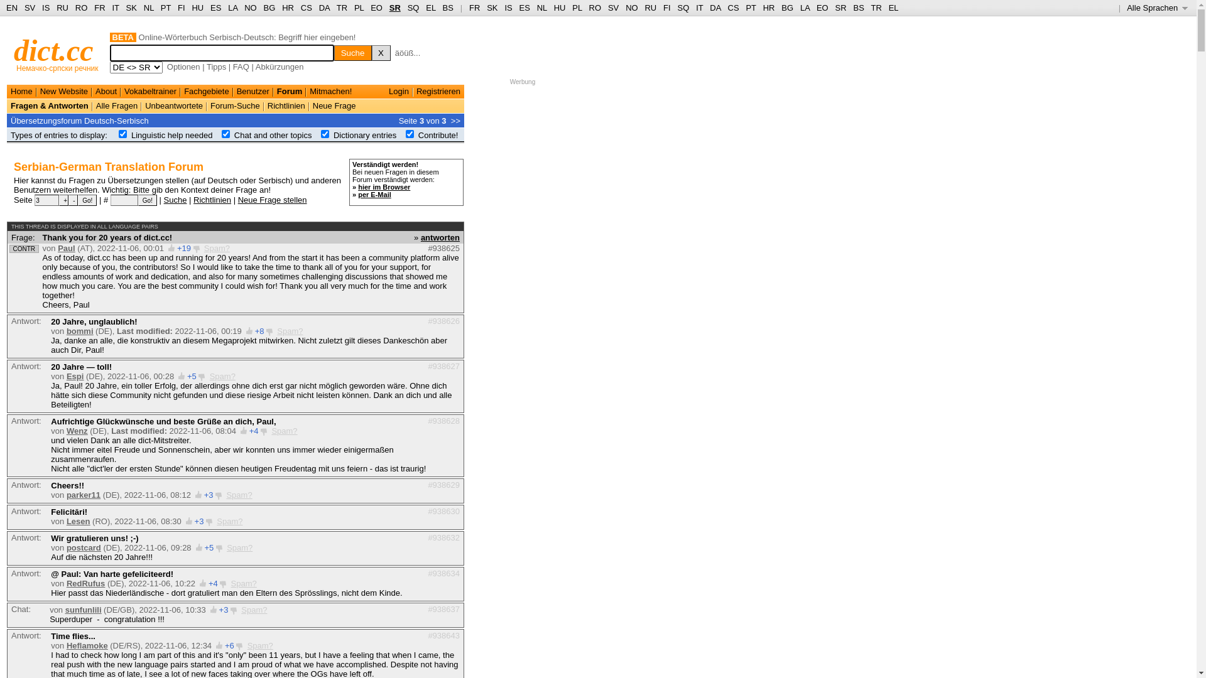  I want to click on '#938625', so click(443, 248).